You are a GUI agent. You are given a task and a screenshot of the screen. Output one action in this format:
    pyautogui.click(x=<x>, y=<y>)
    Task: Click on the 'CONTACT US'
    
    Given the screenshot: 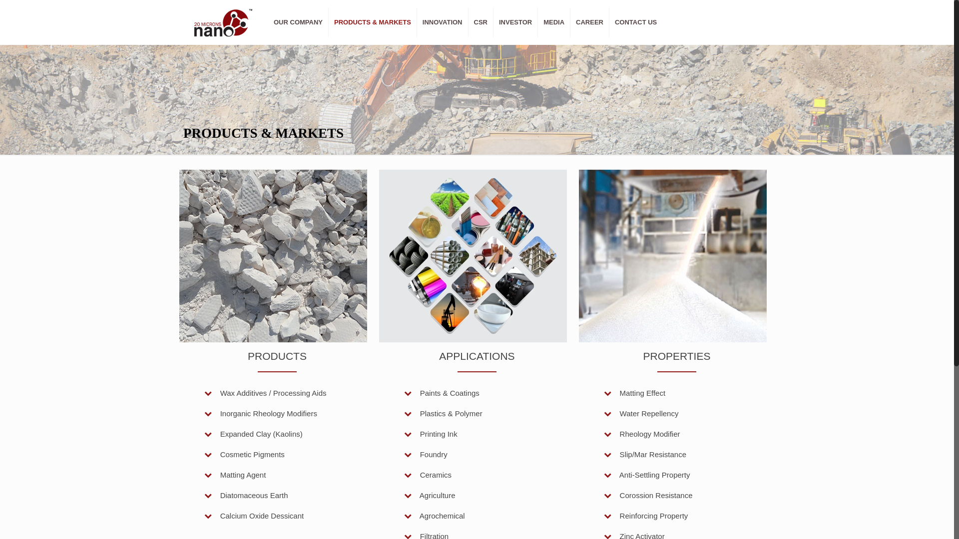 What is the action you would take?
    pyautogui.click(x=635, y=22)
    